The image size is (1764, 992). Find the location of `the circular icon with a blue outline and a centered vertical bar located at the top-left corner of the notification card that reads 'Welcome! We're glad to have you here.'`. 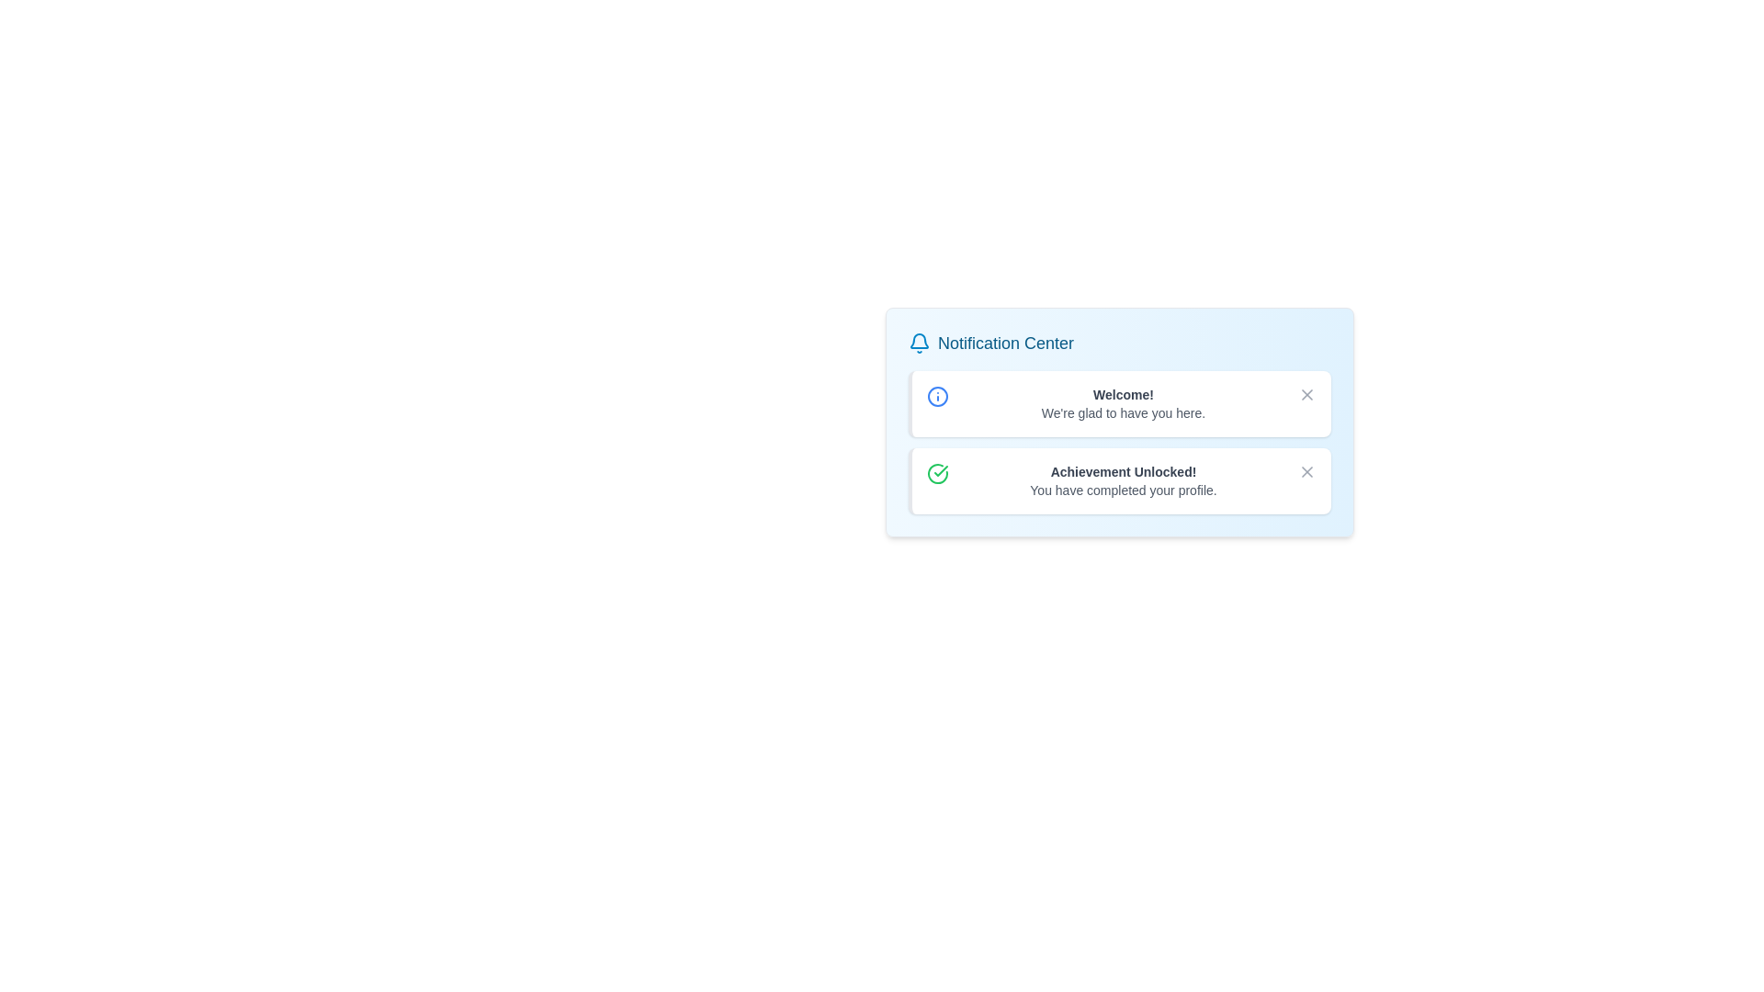

the circular icon with a blue outline and a centered vertical bar located at the top-left corner of the notification card that reads 'Welcome! We're glad to have you here.' is located at coordinates (938, 396).